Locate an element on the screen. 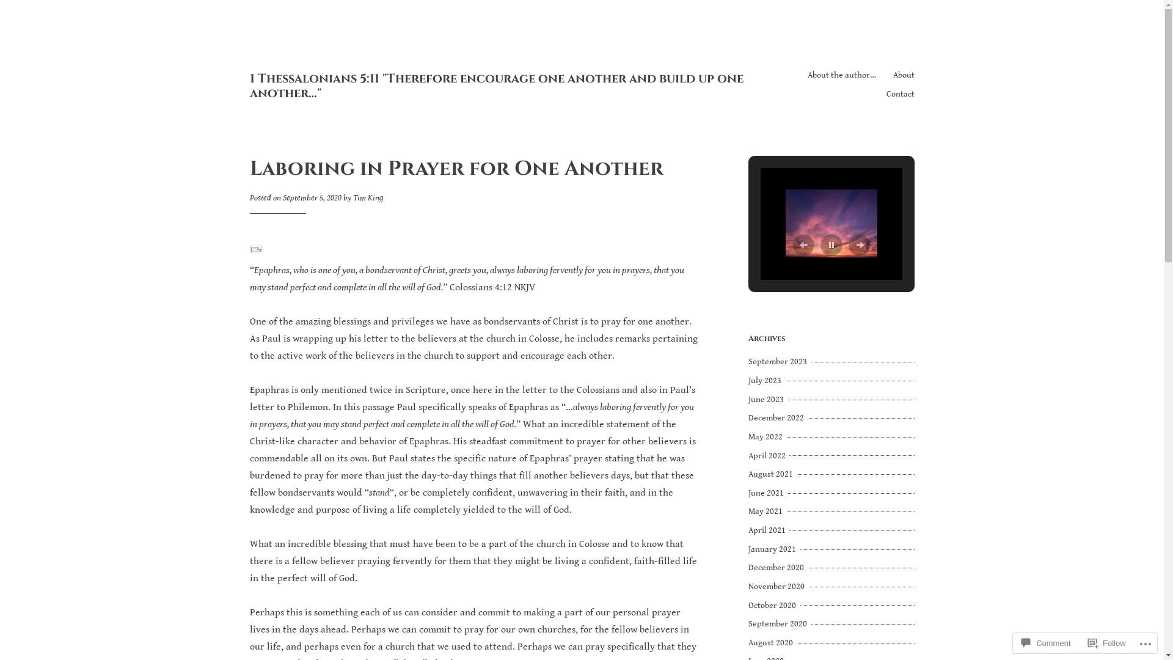  'August 2021' is located at coordinates (747, 473).